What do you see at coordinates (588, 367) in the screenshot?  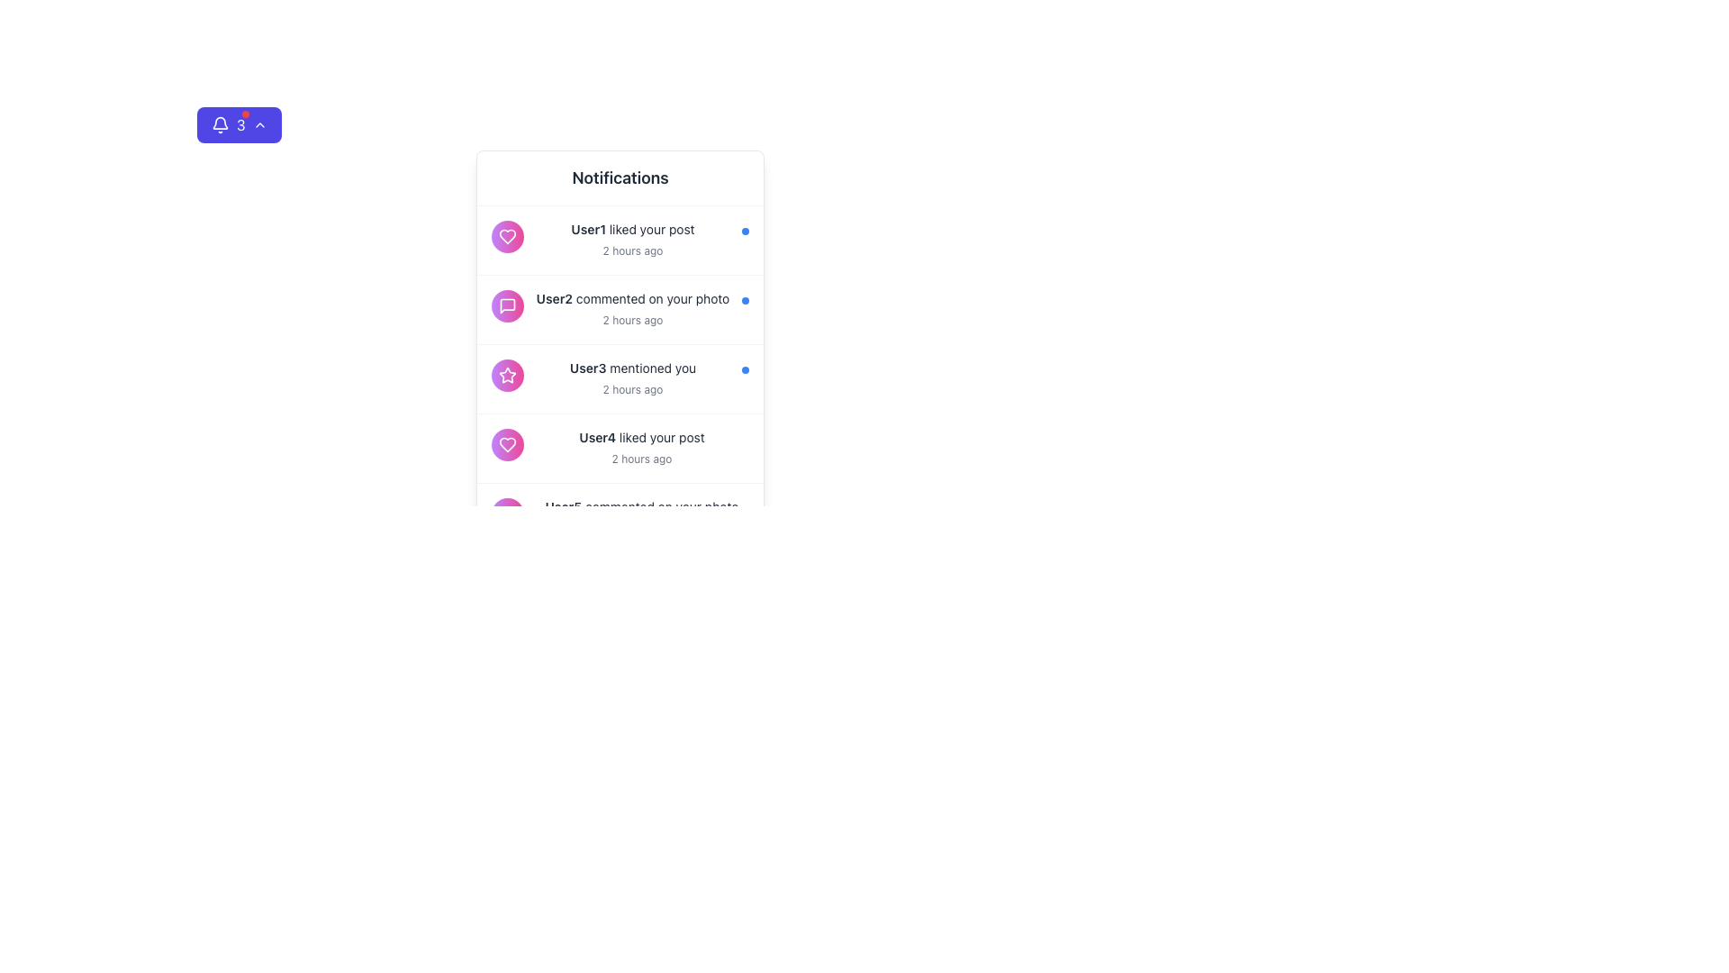 I see `the text label 'User3' in the notification panel` at bounding box center [588, 367].